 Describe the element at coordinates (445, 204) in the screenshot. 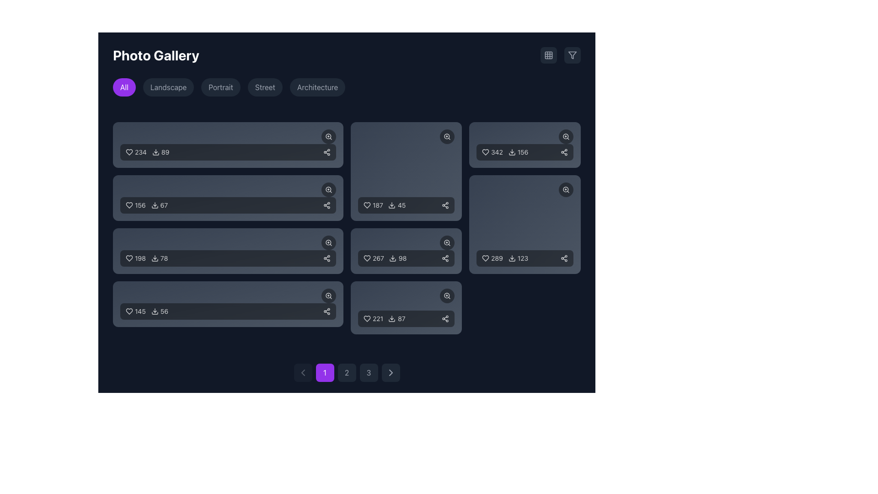

I see `the share button, represented by a minimalistic white icon of a connected diagram with three circular nodes, located in the bottom right corner of the card displaying the numbers '187 45'` at that location.